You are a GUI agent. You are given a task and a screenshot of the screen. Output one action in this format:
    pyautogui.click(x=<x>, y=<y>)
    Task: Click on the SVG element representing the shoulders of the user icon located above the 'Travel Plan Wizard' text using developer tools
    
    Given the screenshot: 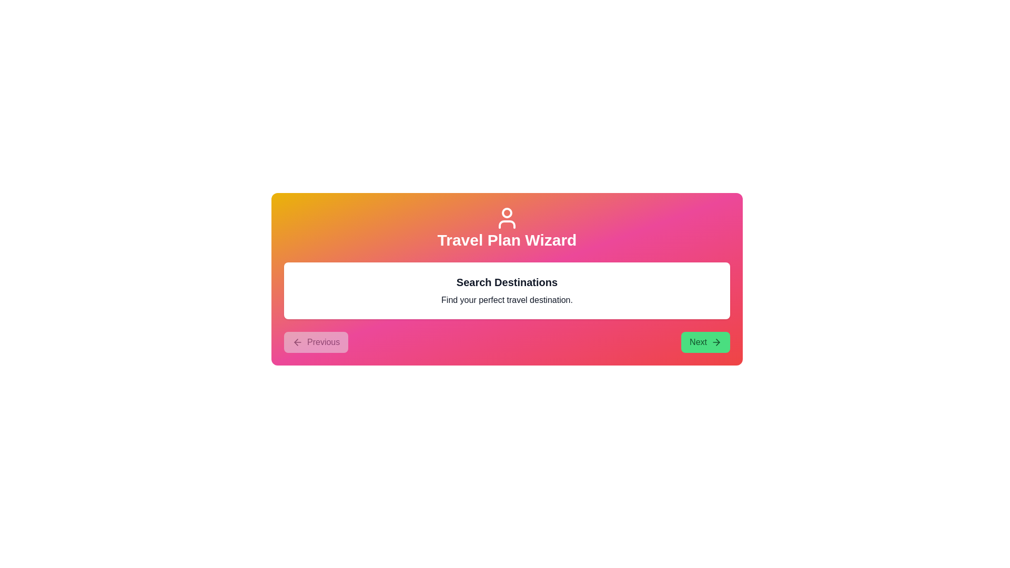 What is the action you would take?
    pyautogui.click(x=507, y=224)
    